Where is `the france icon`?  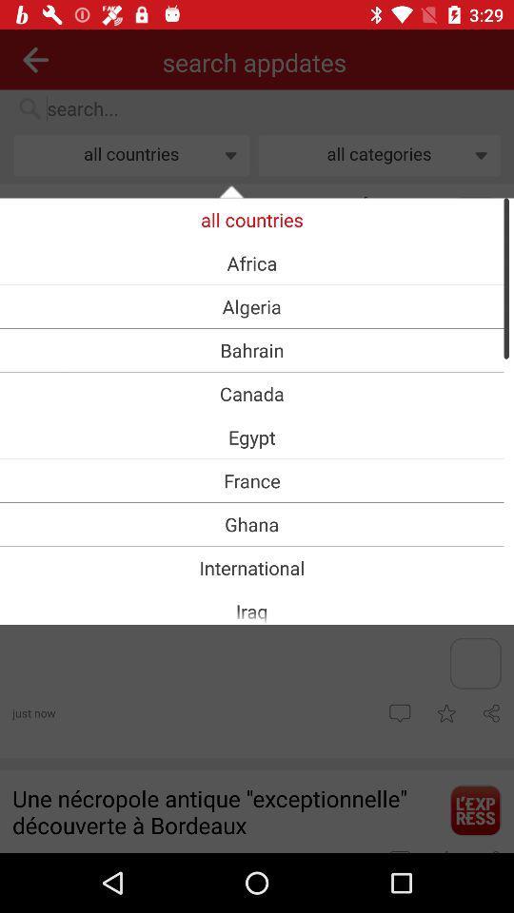
the france icon is located at coordinates (251, 479).